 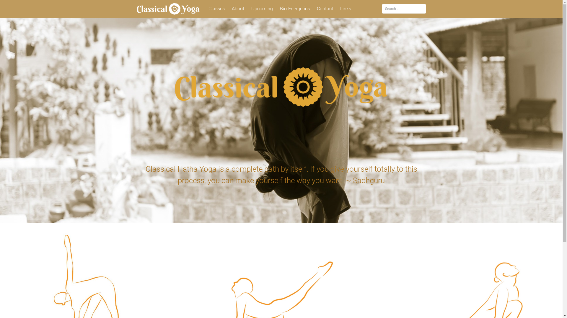 I want to click on 'About', so click(x=238, y=9).